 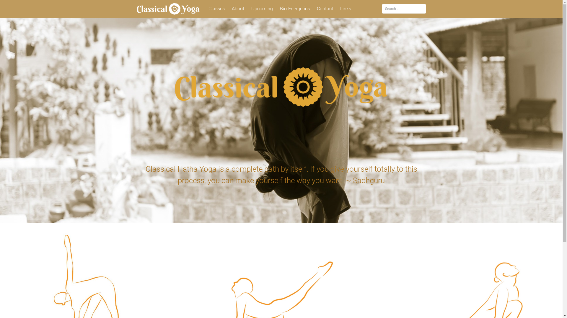 I want to click on 'About', so click(x=238, y=9).